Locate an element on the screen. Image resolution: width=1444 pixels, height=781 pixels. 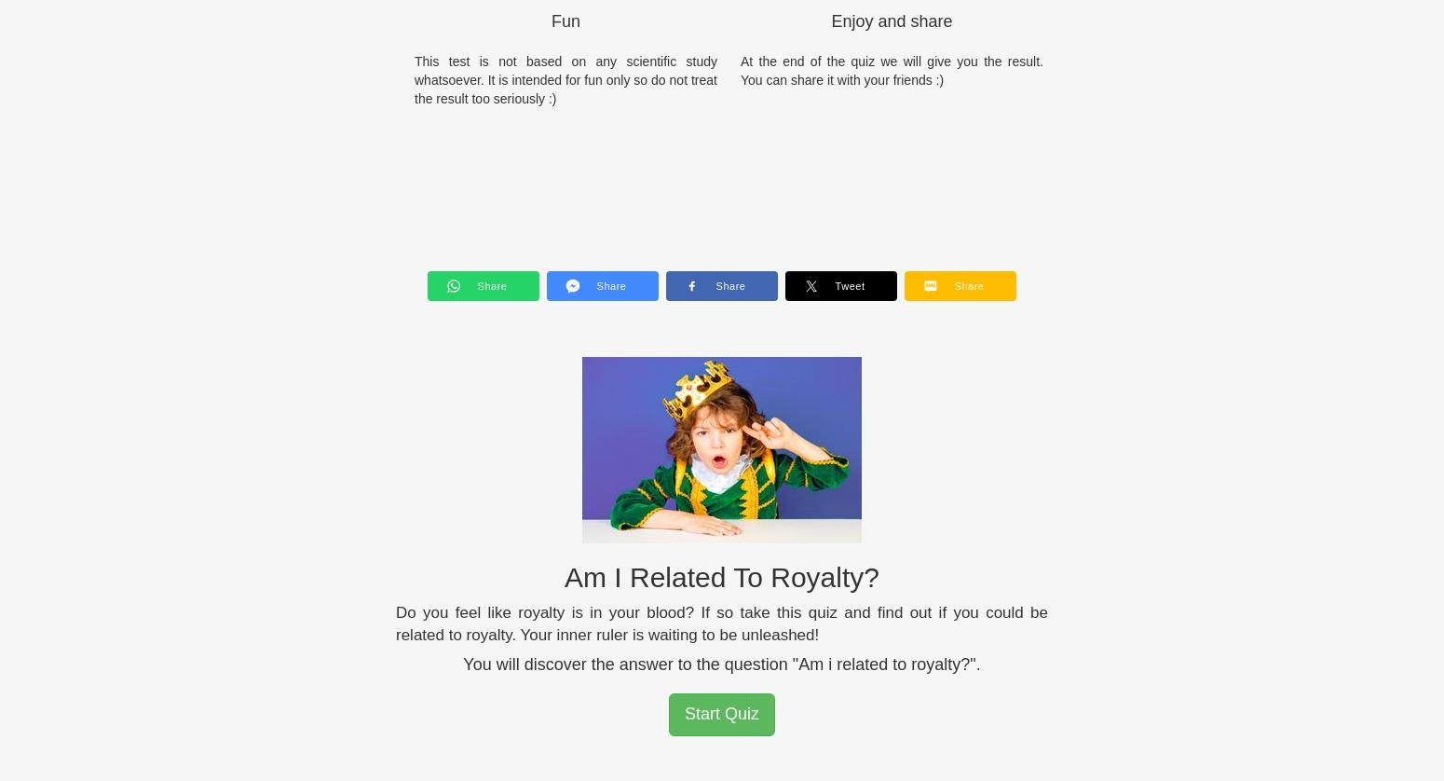
'Tweet' is located at coordinates (850, 284).